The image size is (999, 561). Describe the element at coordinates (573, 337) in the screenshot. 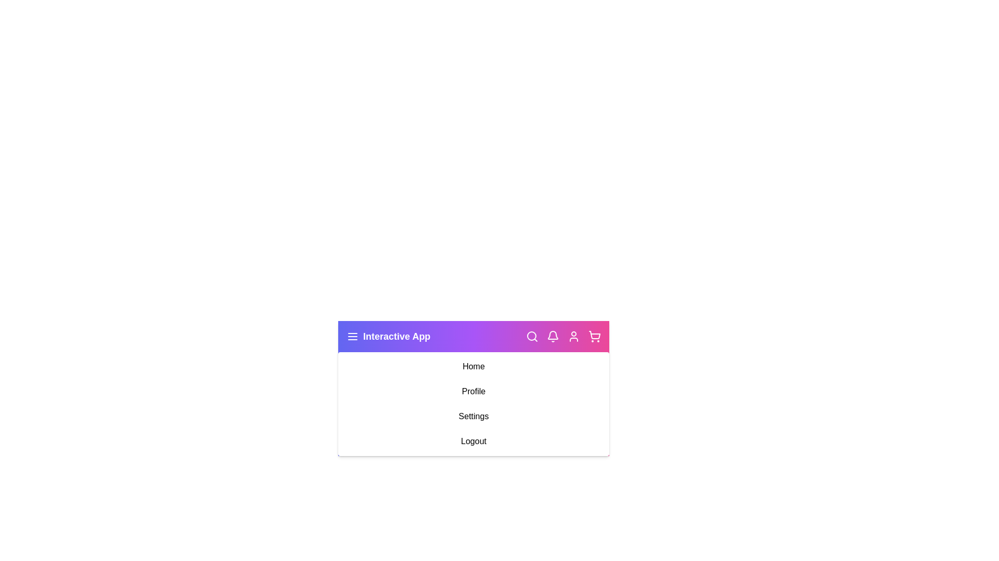

I see `the user icon to view profile-related options` at that location.